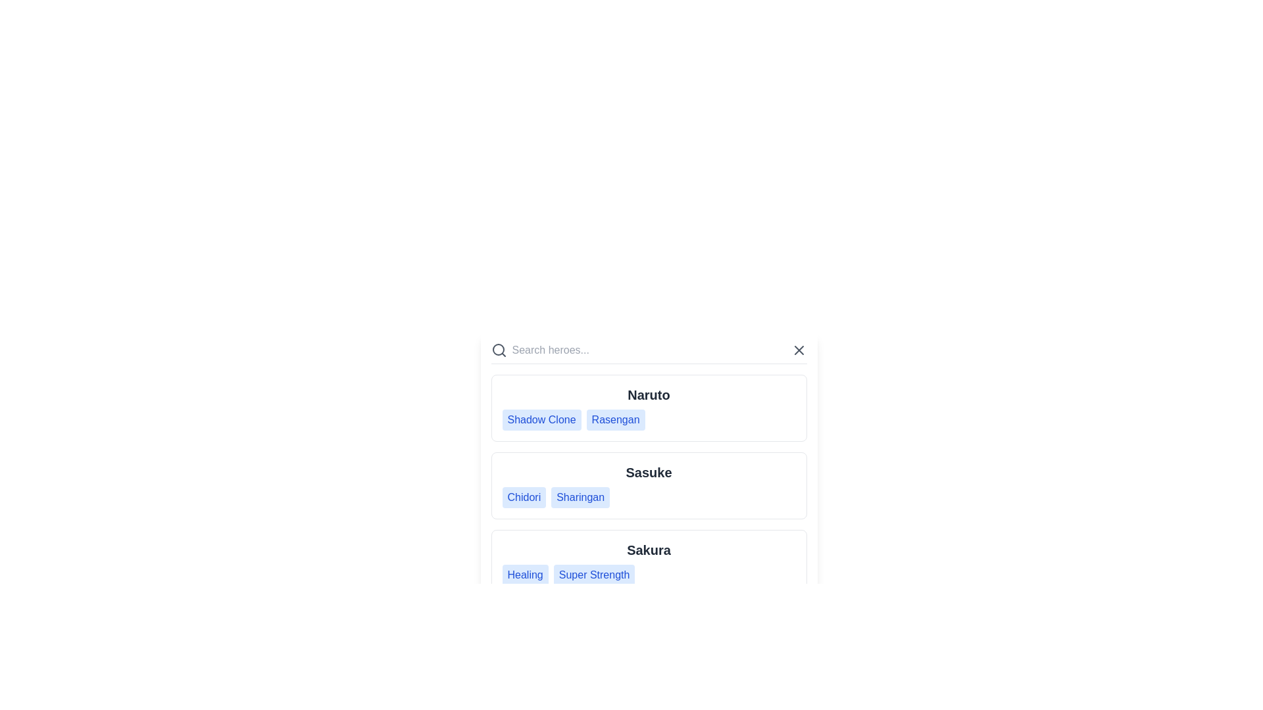 The image size is (1263, 710). What do you see at coordinates (523, 497) in the screenshot?
I see `the label with the text 'Chidori', which has a light blue background and is part of the 'Sasuke' section, located to the left of the 'Sharingan' label` at bounding box center [523, 497].